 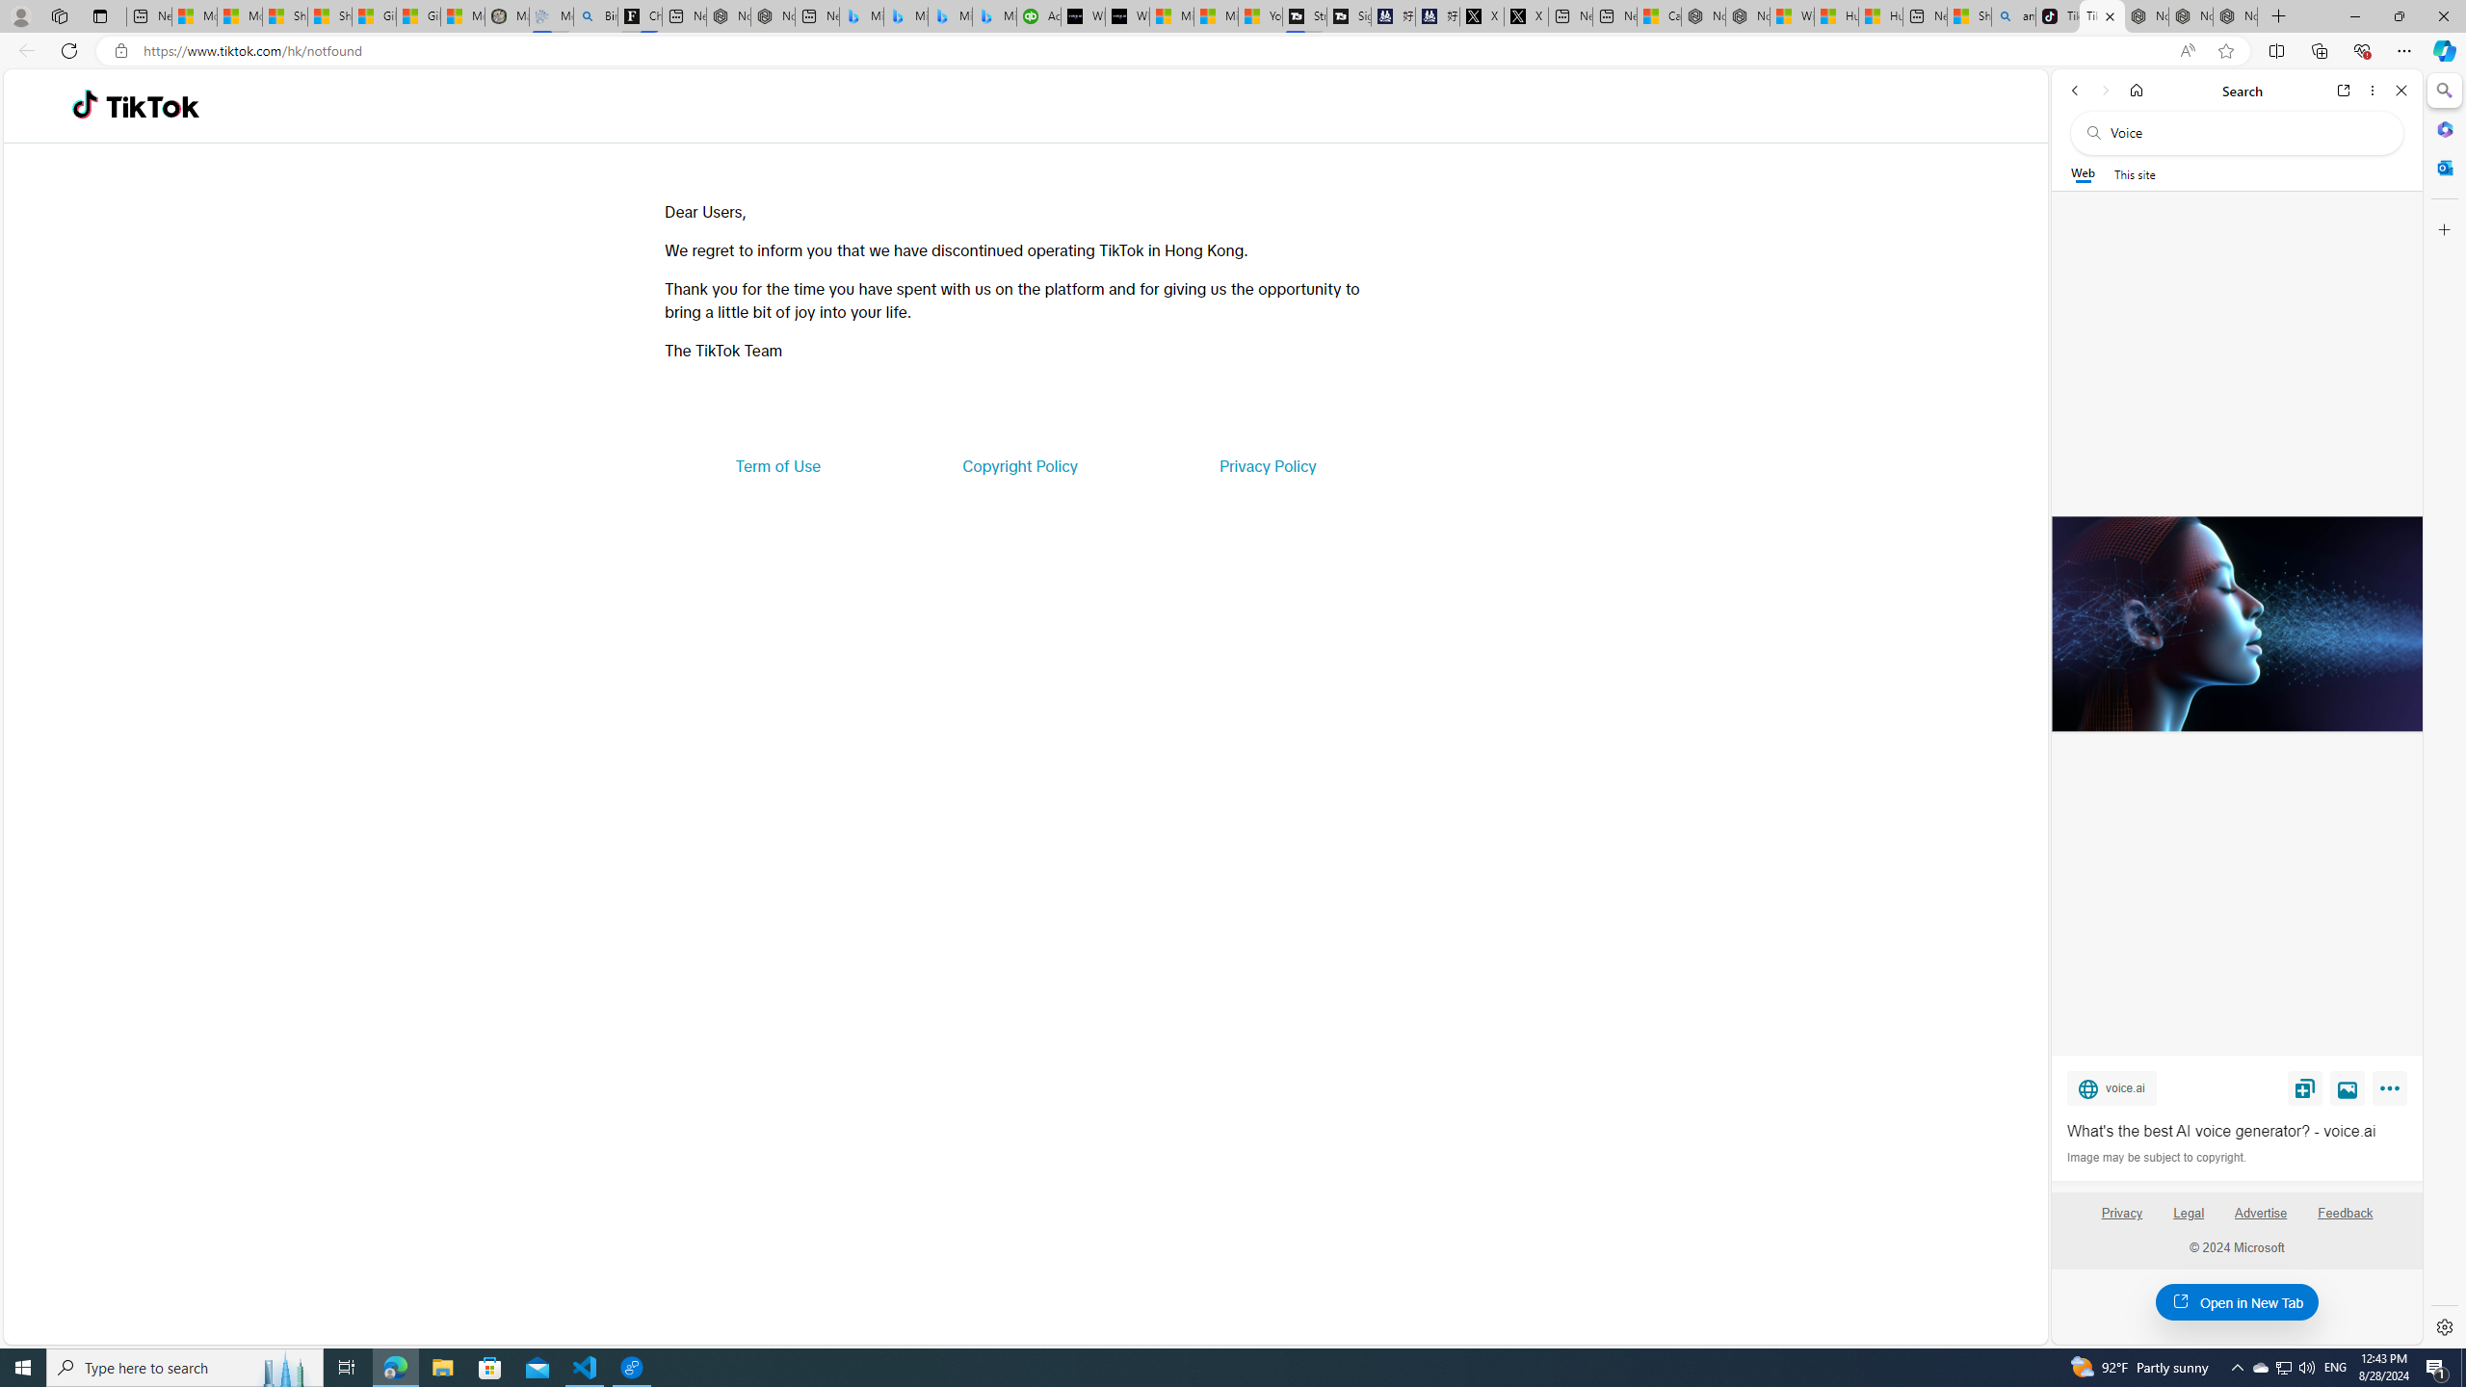 I want to click on 'Open link in new tab', so click(x=2344, y=90).